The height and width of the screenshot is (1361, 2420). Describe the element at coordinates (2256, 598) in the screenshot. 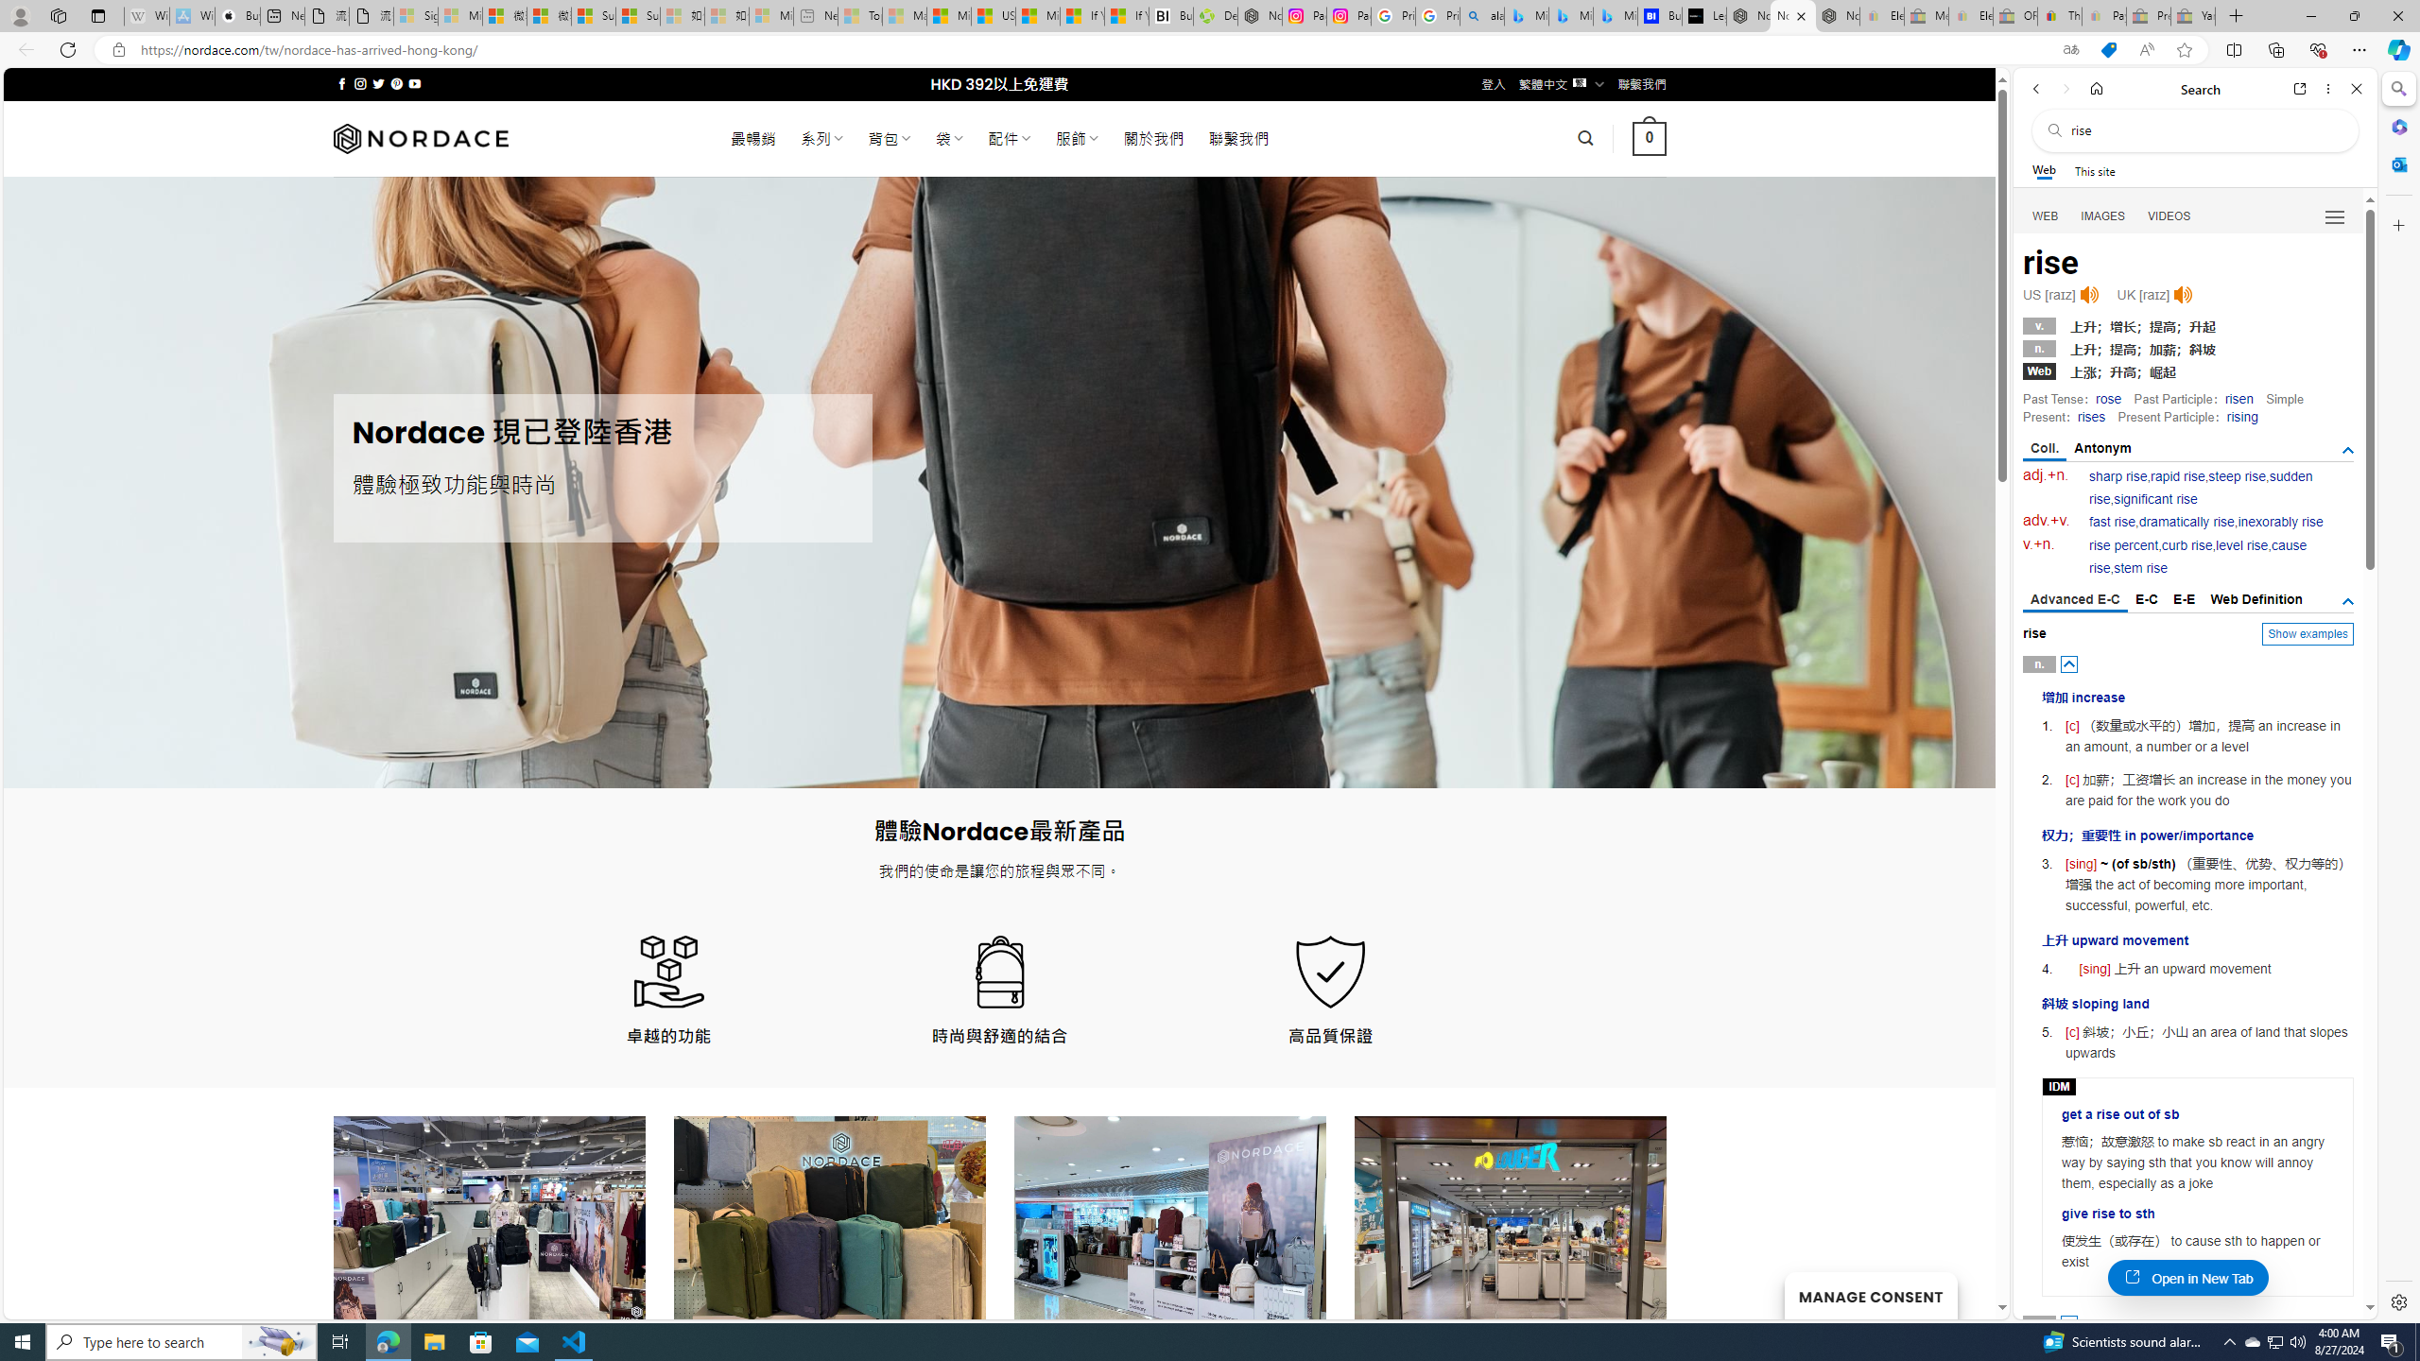

I see `'Web Definition'` at that location.